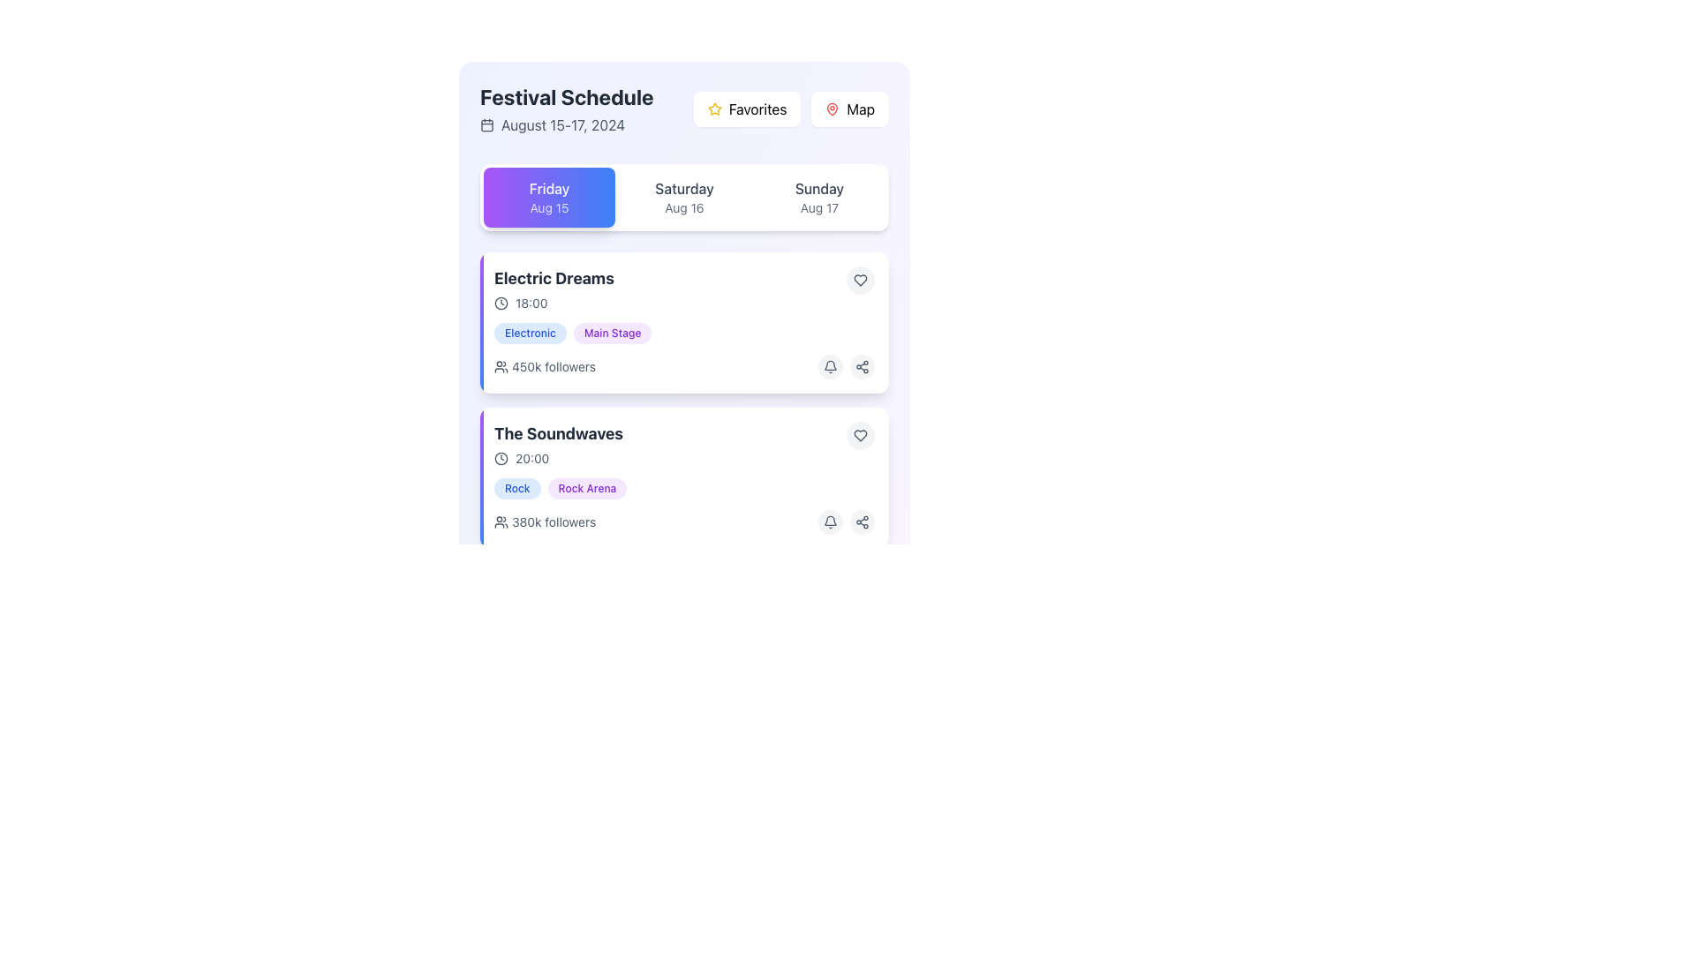 The height and width of the screenshot is (953, 1695). Describe the element at coordinates (567, 109) in the screenshot. I see `the Header element displaying 'Festival Schedule' and 'August 15-17, 2024' with a calendar icon to the left` at that location.